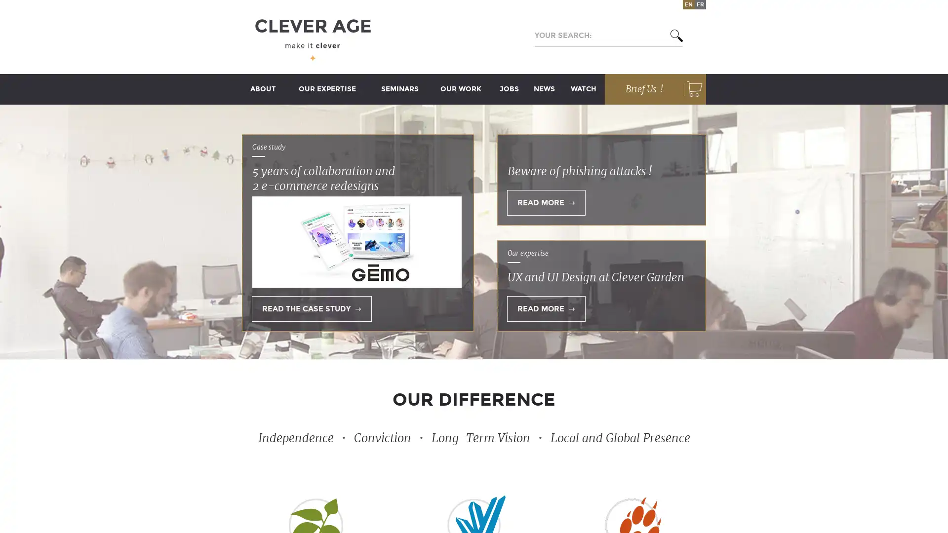 Image resolution: width=948 pixels, height=533 pixels. Describe the element at coordinates (586, 287) in the screenshot. I see `Accept All Cookies` at that location.